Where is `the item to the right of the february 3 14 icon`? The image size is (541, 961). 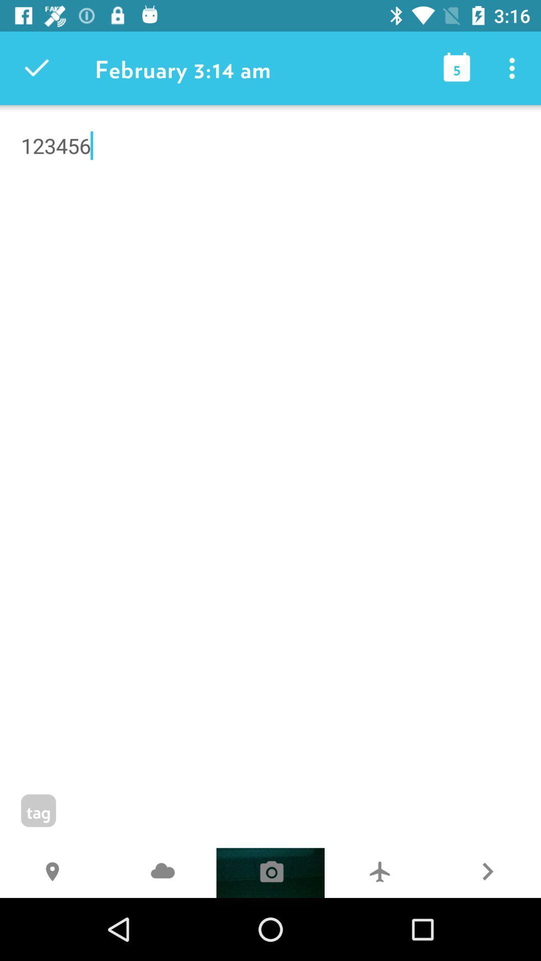 the item to the right of the february 3 14 icon is located at coordinates (456, 68).